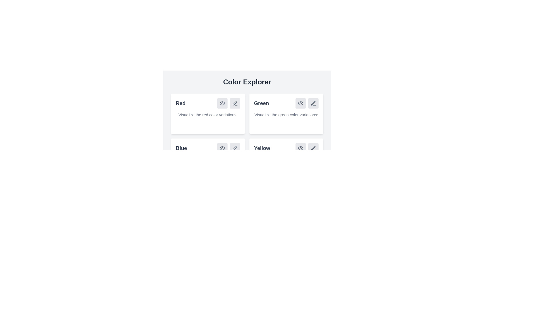 This screenshot has width=553, height=311. I want to click on the 'view' icon located in the top-right corner of the 'Green' section of the 'Color Explorer' layout, so click(300, 103).